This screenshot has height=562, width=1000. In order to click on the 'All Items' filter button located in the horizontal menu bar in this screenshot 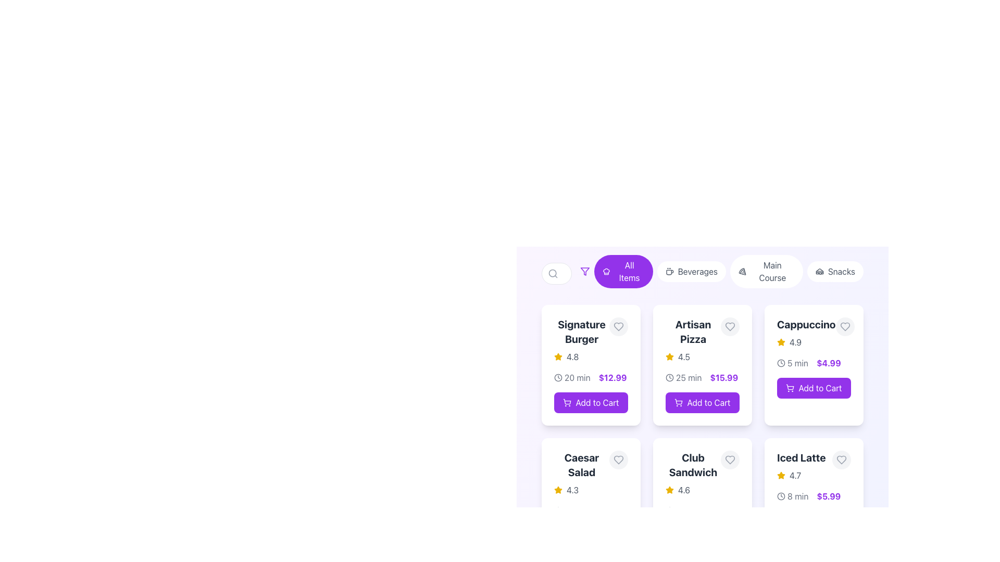, I will do `click(629, 271)`.